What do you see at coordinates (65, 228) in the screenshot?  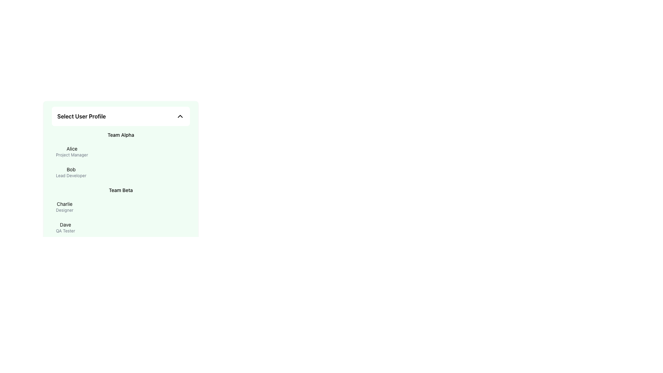 I see `the Text Display element that shows the name and title of a person, positioned below 'Charlie Designer' in the 'Team Beta' section` at bounding box center [65, 228].